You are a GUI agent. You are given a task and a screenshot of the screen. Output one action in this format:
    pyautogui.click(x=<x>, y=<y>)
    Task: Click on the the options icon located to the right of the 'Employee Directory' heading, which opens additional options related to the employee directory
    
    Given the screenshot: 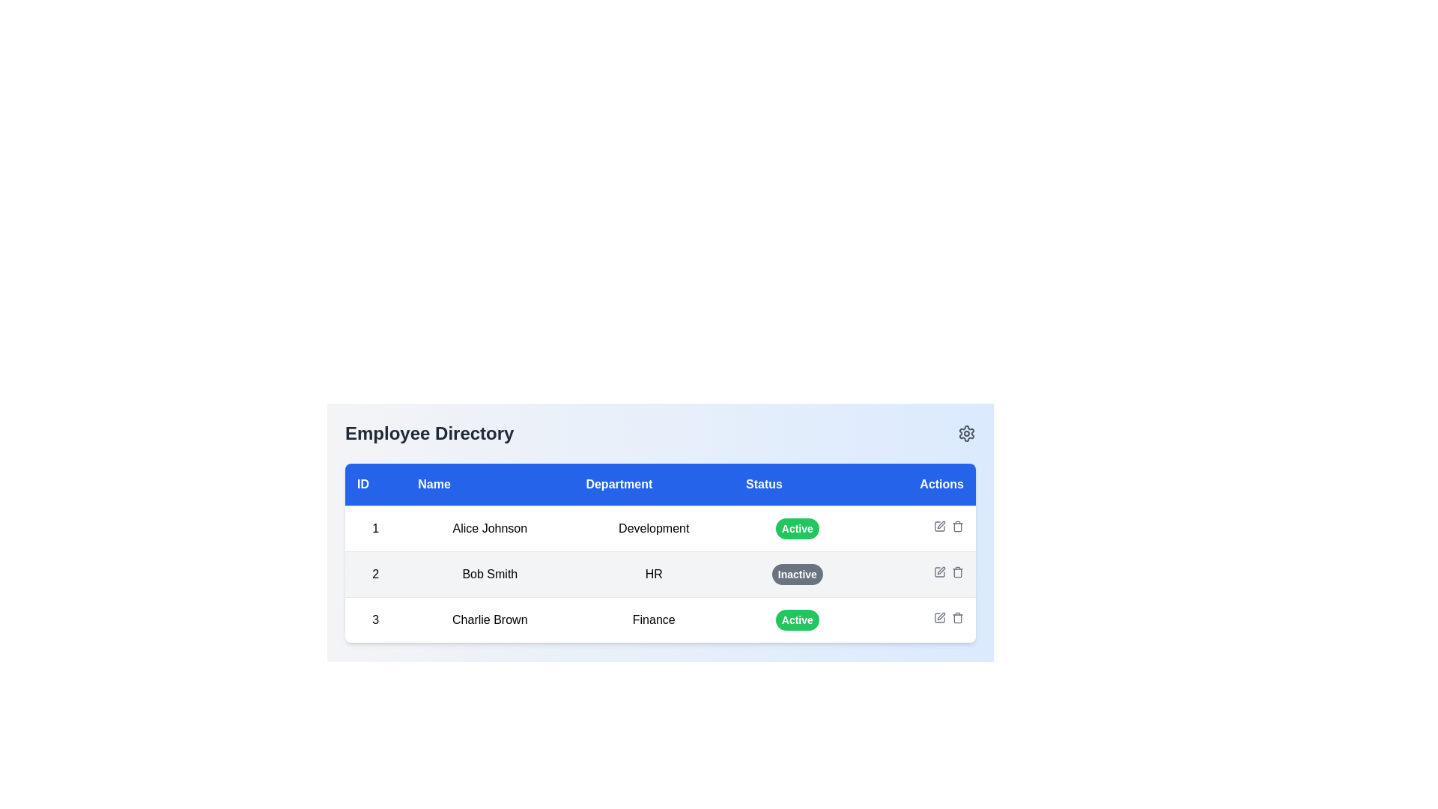 What is the action you would take?
    pyautogui.click(x=967, y=433)
    